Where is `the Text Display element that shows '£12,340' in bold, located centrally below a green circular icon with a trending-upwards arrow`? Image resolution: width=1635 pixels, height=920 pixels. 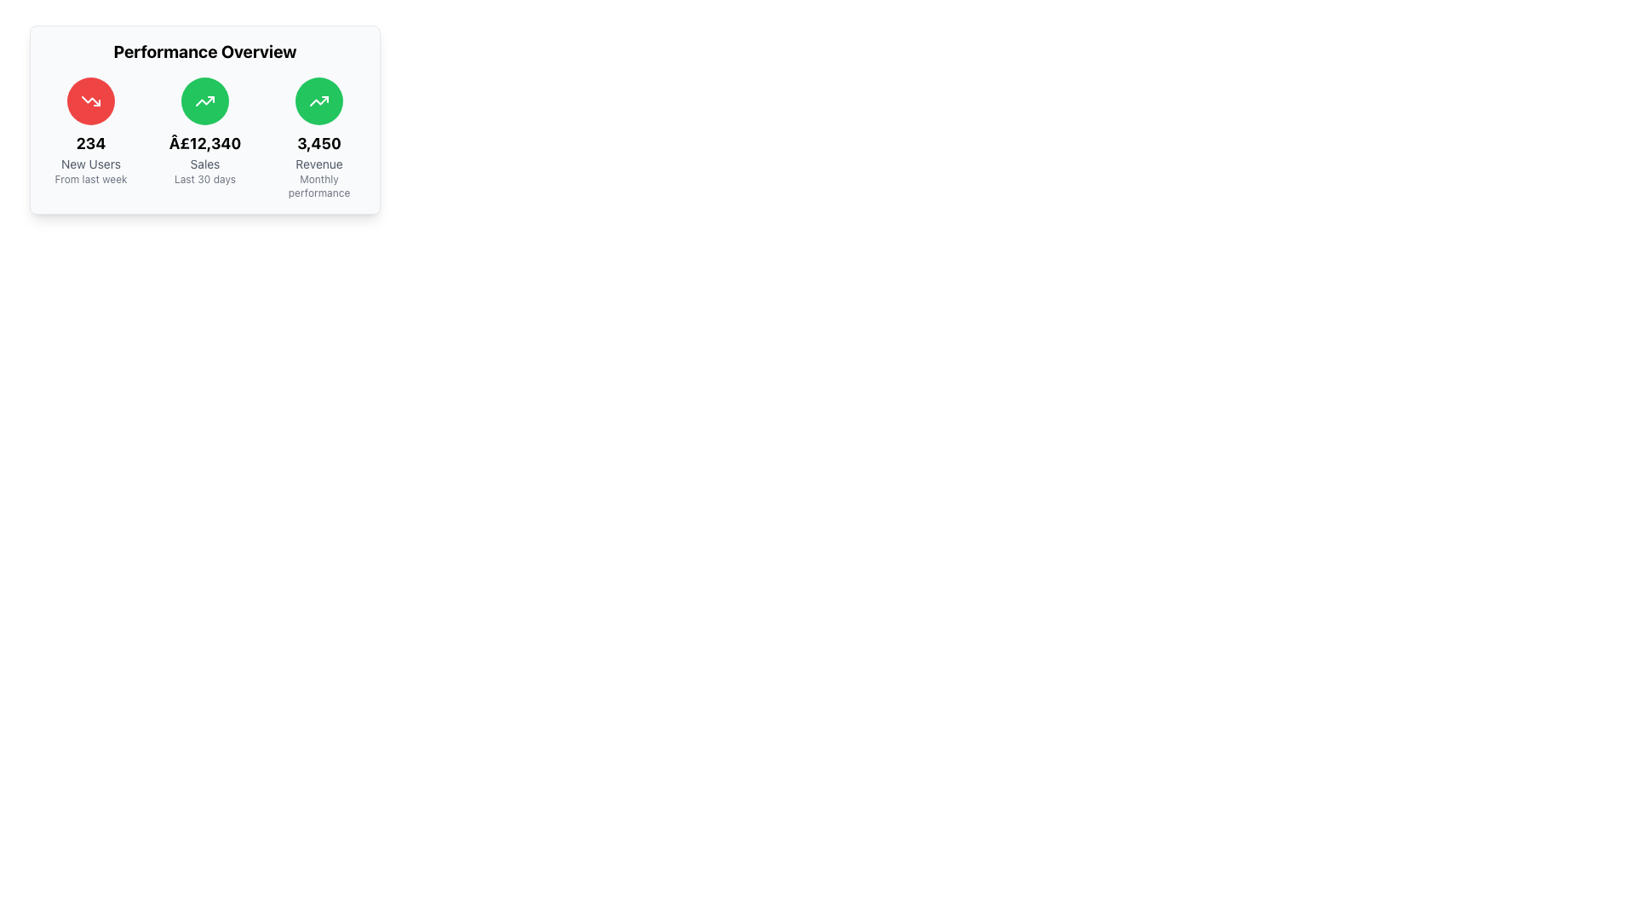 the Text Display element that shows '£12,340' in bold, located centrally below a green circular icon with a trending-upwards arrow is located at coordinates (204, 143).